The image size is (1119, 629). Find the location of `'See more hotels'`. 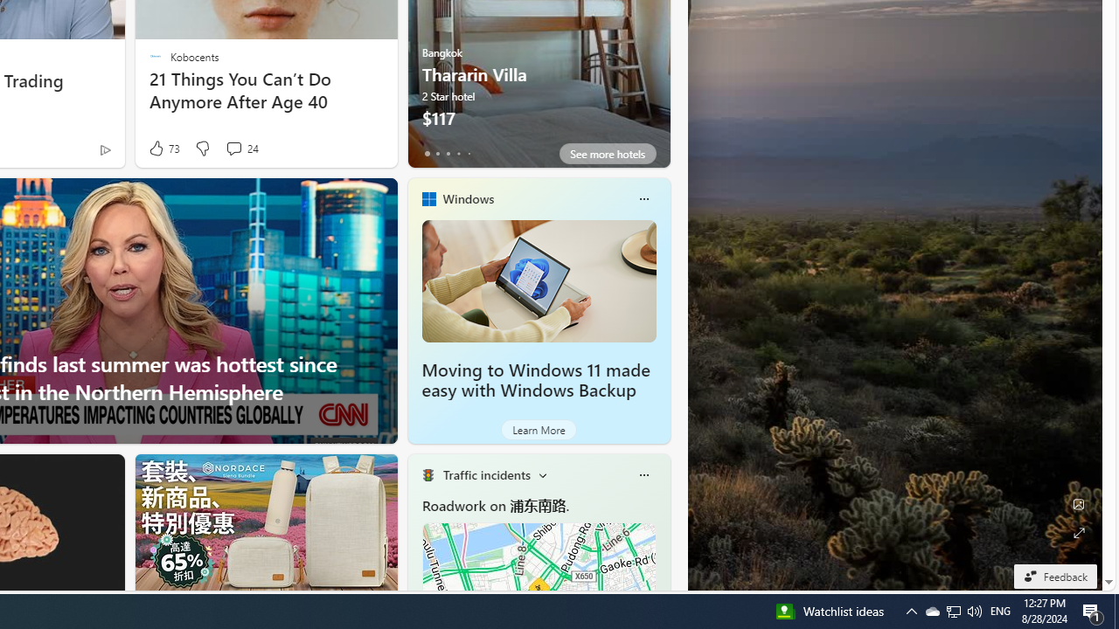

'See more hotels' is located at coordinates (608, 153).